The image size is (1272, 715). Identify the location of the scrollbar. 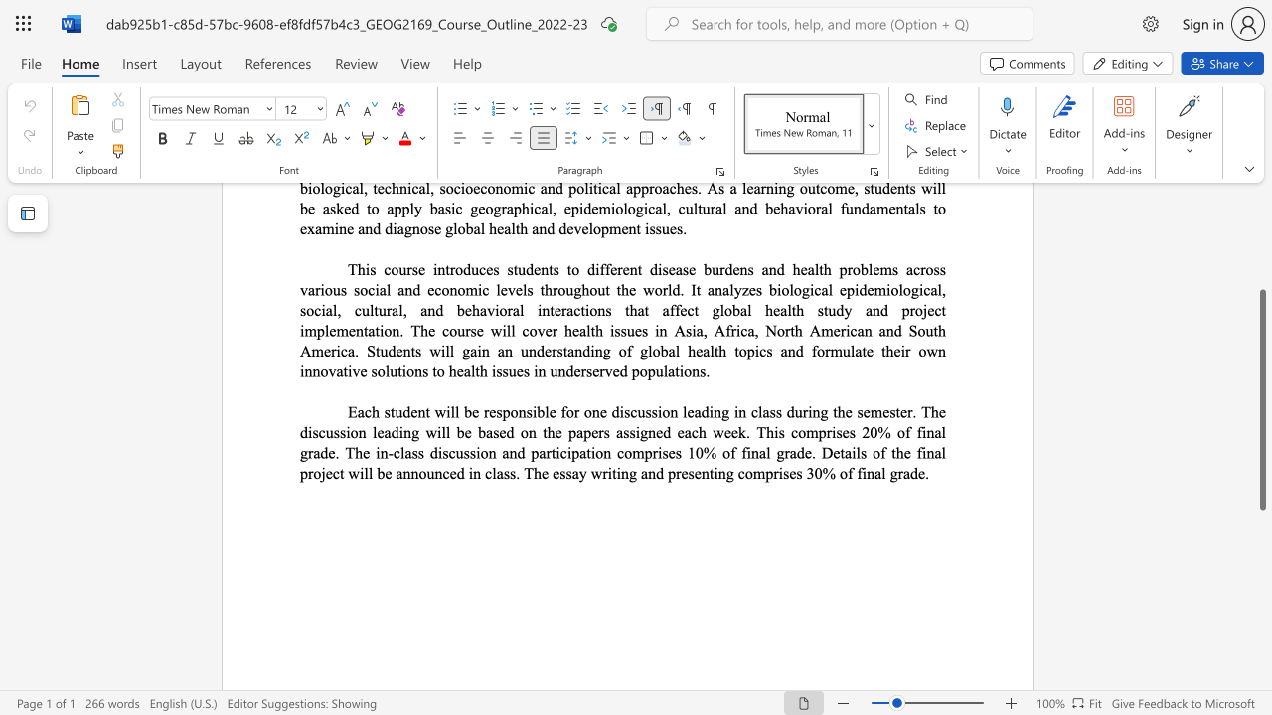
(1261, 236).